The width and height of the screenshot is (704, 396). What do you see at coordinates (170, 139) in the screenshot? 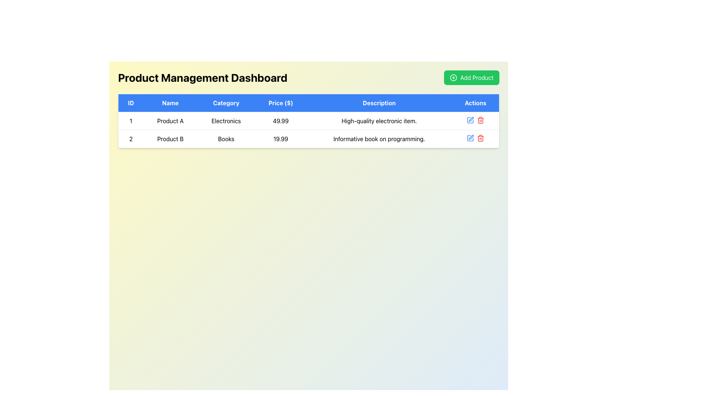
I see `text label for the product name located in the second row and second column of the table under the 'Name' header` at bounding box center [170, 139].